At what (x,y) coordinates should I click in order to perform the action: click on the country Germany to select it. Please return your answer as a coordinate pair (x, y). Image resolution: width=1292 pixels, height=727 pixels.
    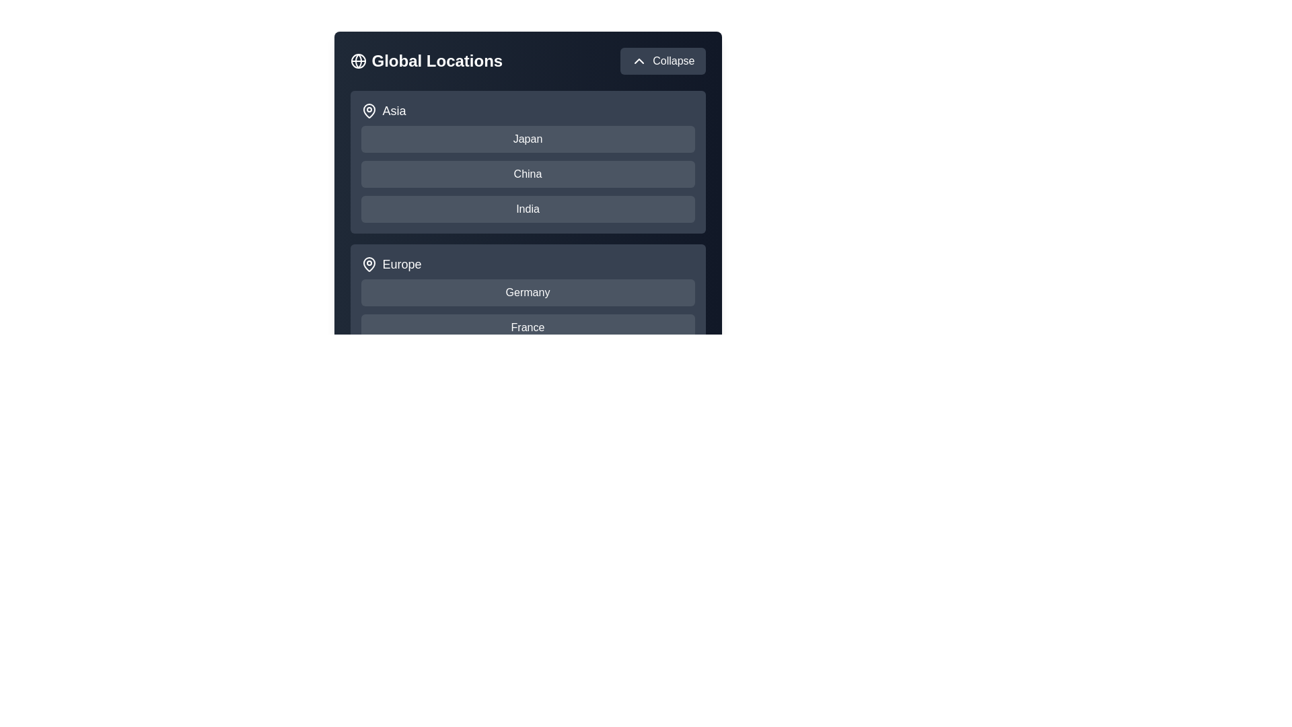
    Looking at the image, I should click on (527, 292).